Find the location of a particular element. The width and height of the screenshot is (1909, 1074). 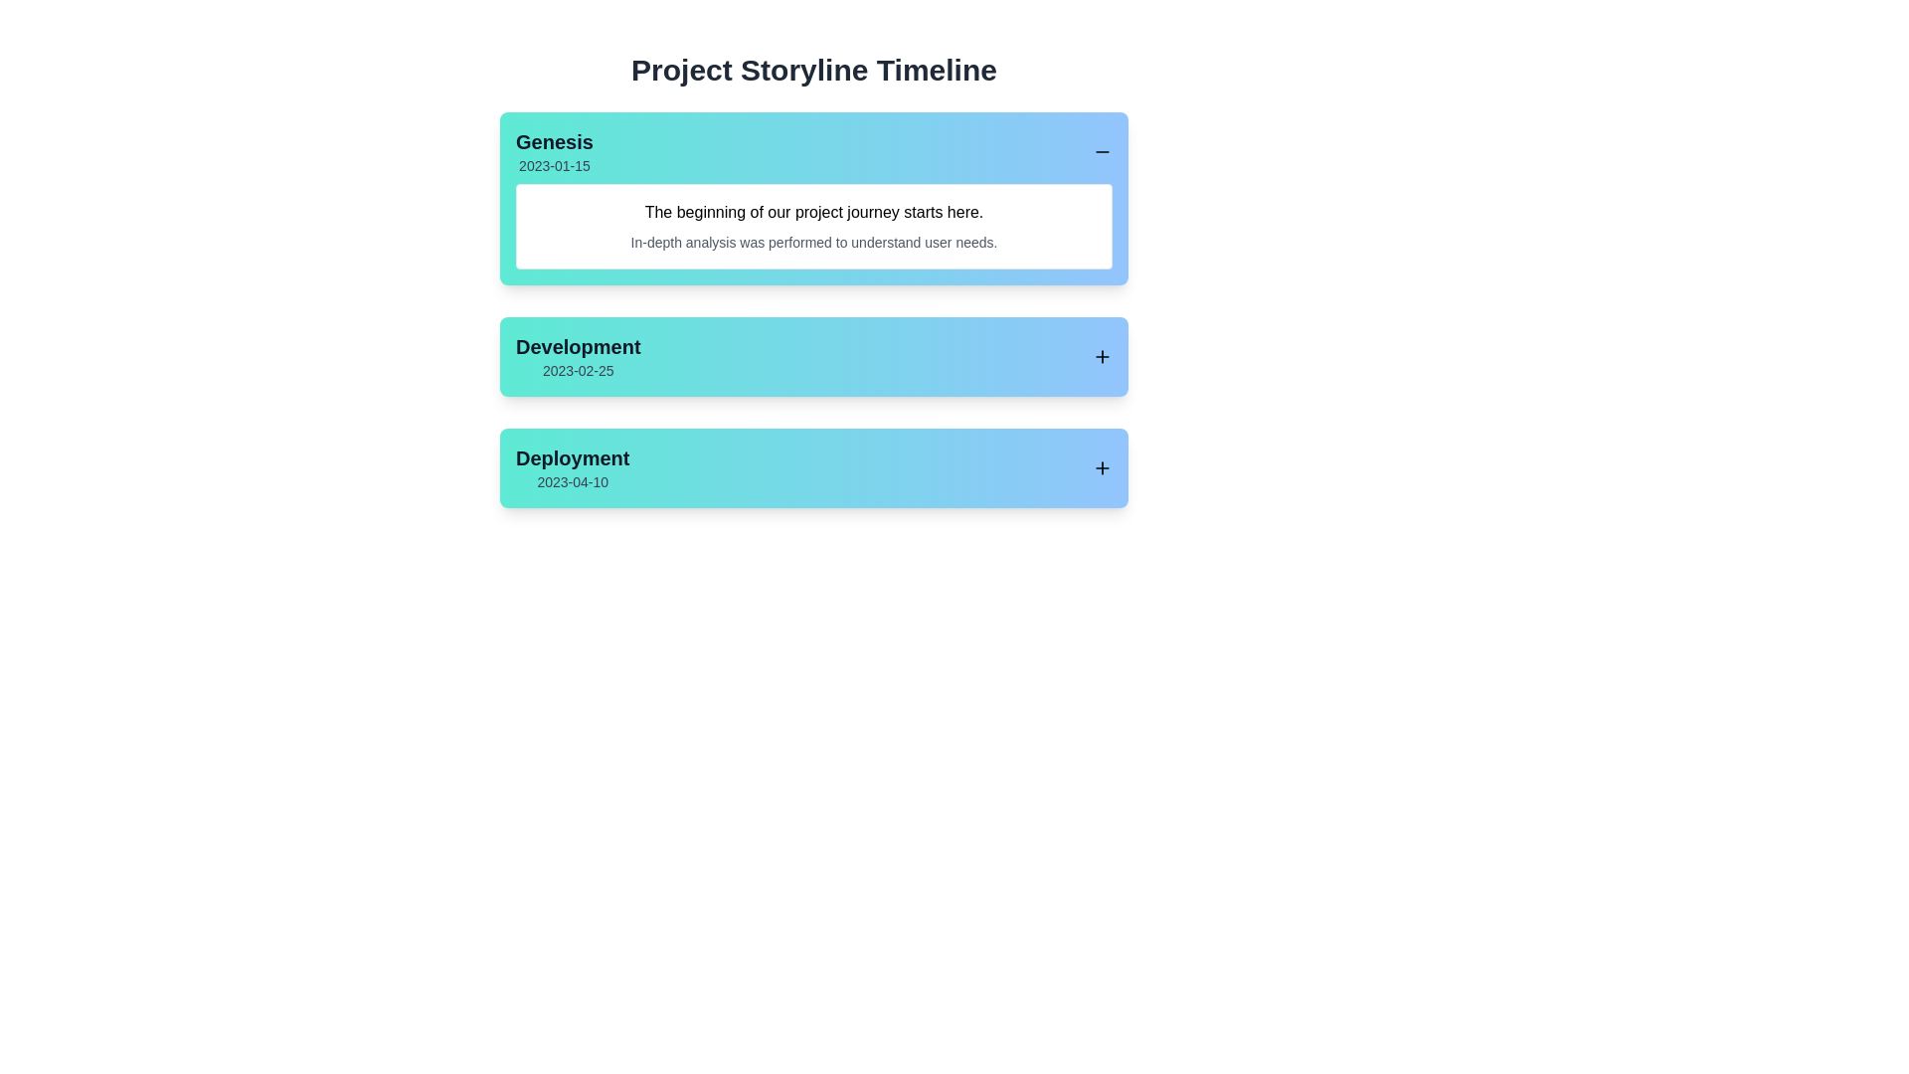

displayed text 'Genesis 2023-01-15' from the title and date section of the first card in the vertical timeline interface is located at coordinates (554, 151).